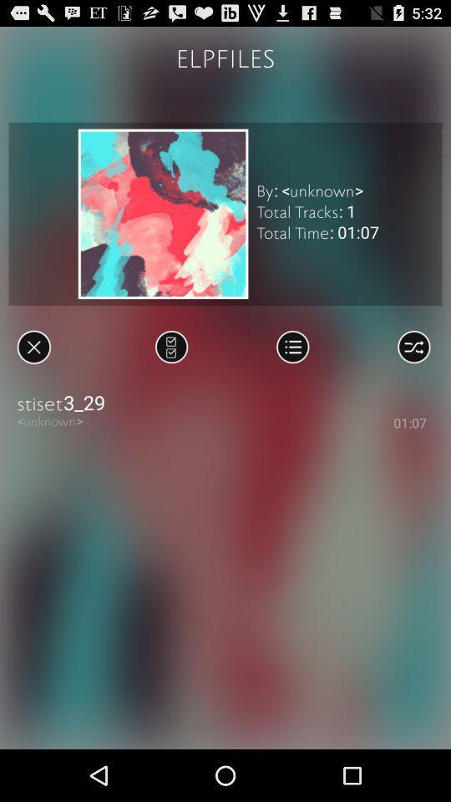 The image size is (451, 802). I want to click on the list icon, so click(291, 371).